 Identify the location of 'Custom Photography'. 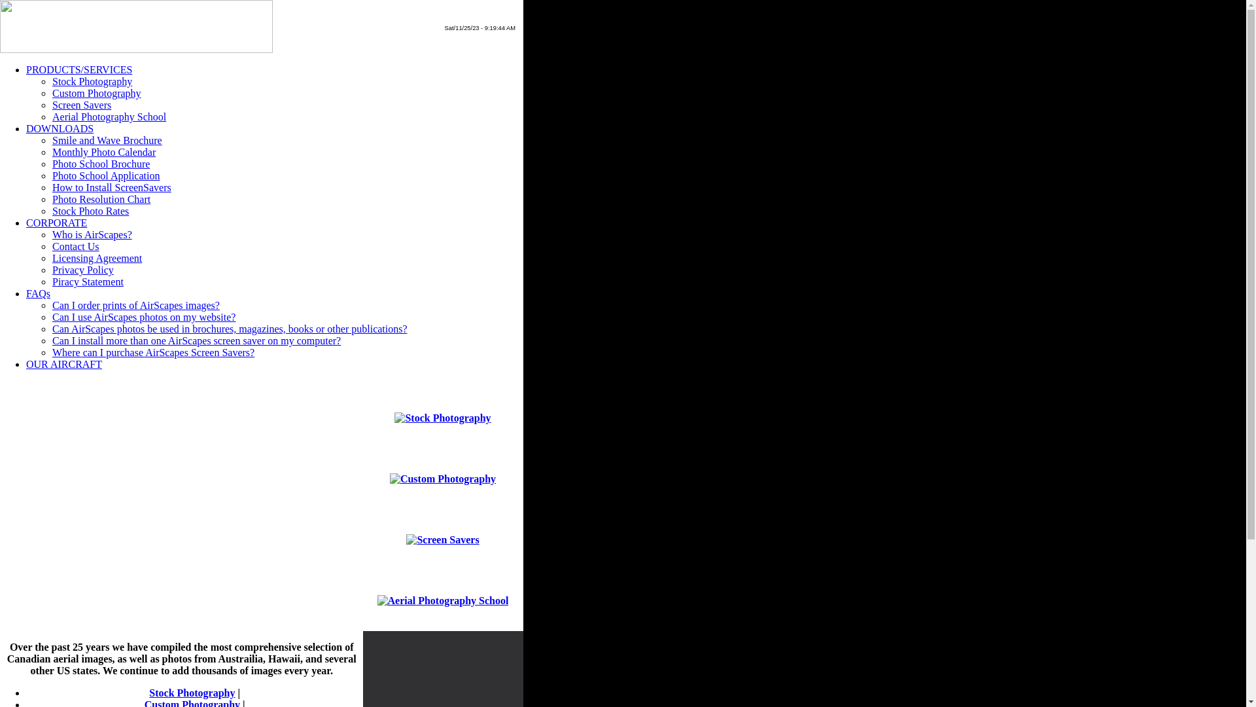
(96, 92).